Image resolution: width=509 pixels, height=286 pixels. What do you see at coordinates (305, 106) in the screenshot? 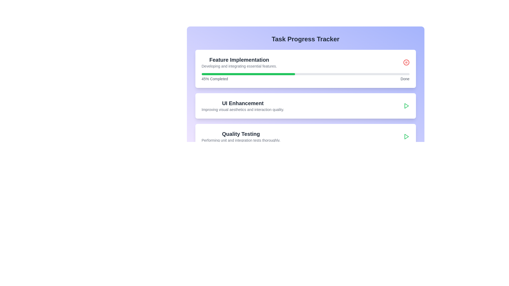
I see `the Task descriptor block titled 'UI Enhancement' which is styled with a bold title and a smaller gray subtitle, positioned between 'Feature Implementation' and 'Quality Testing'` at bounding box center [305, 106].